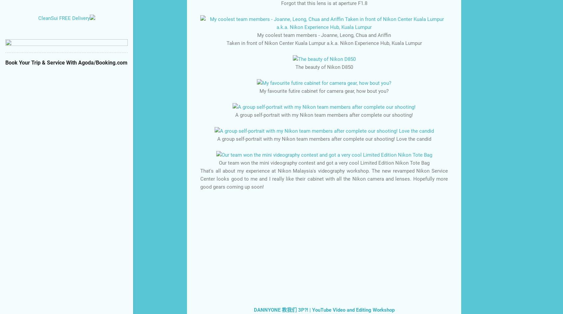  What do you see at coordinates (324, 114) in the screenshot?
I see `'A group self-portrait with my Nikon team members after complete our shooting!'` at bounding box center [324, 114].